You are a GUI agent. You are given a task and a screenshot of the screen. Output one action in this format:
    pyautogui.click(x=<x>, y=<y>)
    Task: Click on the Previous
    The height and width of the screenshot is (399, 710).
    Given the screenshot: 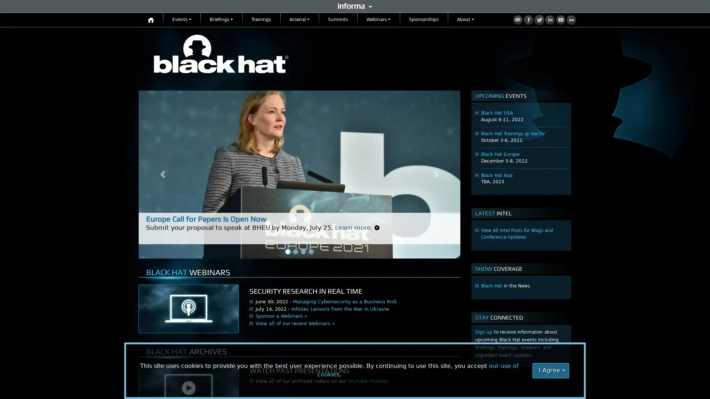 What is the action you would take?
    pyautogui.click(x=162, y=174)
    